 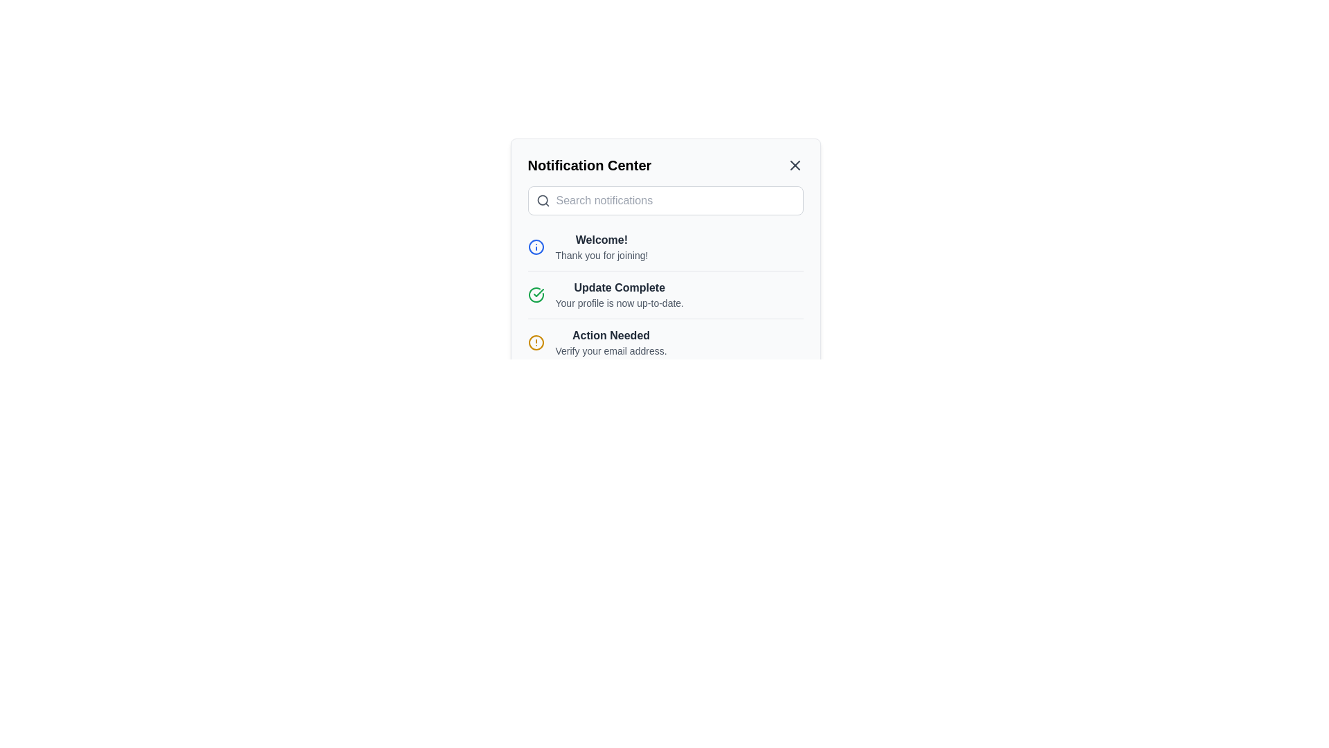 I want to click on the visual indicator icon for the 'Update Complete' notification located within the notification panel, to the left of the notification text, so click(x=535, y=294).